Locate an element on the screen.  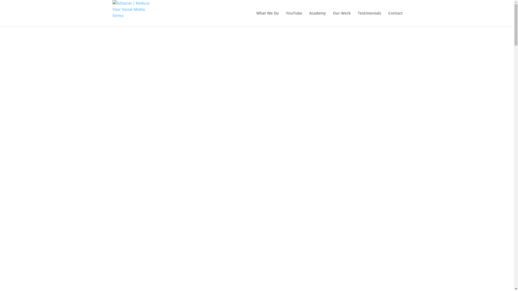
'What We Do' is located at coordinates (268, 18).